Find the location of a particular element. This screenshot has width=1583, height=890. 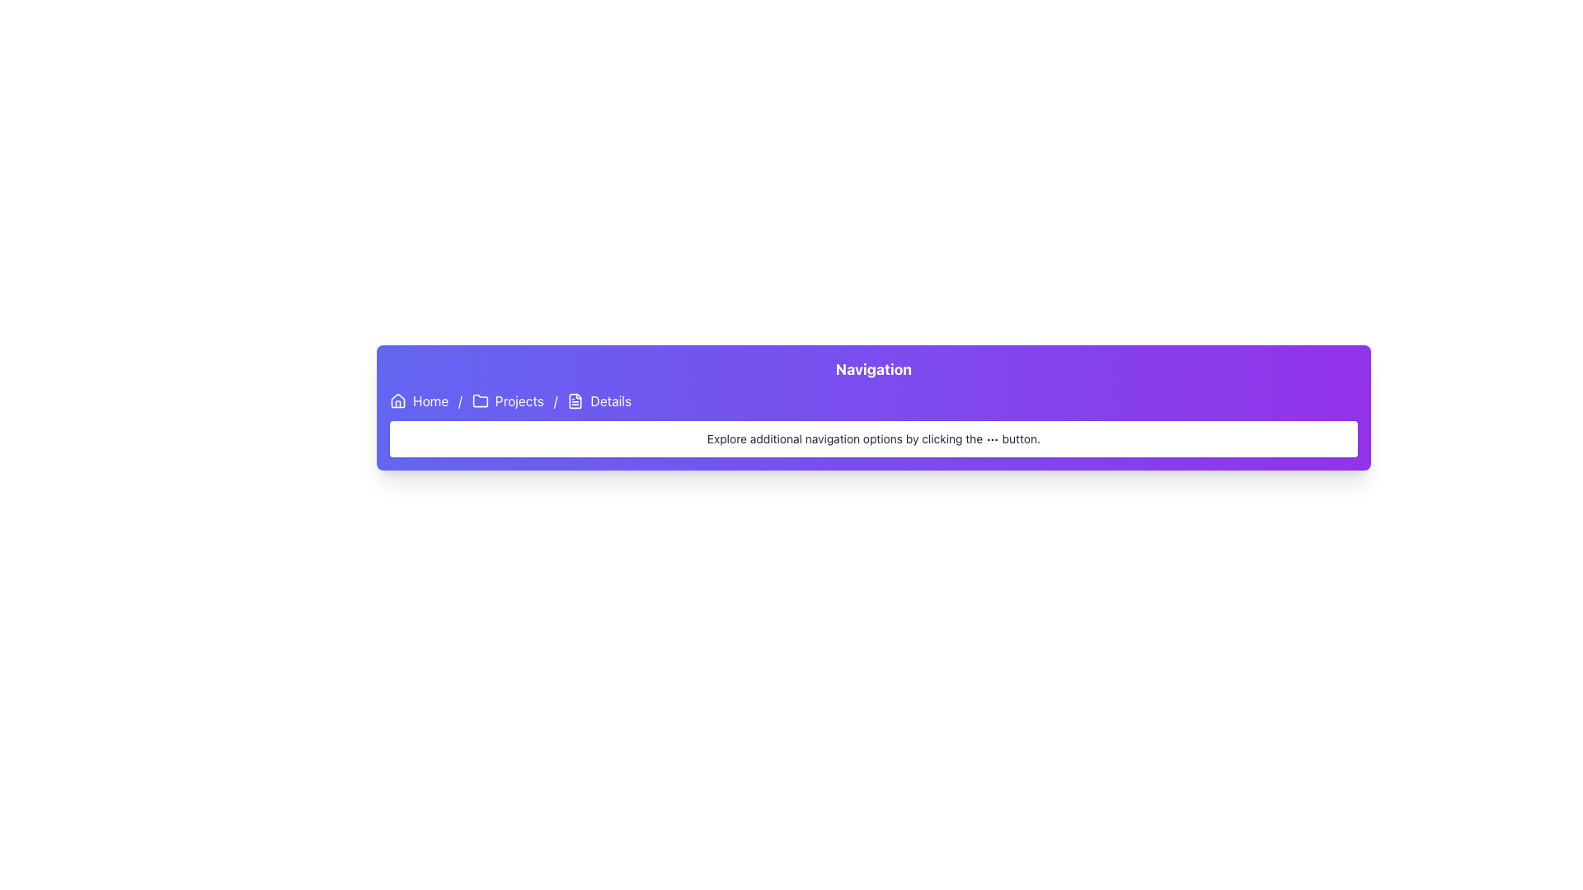

the second breadcrumb item labeled 'Projects' in the breadcrumb navigation bar is located at coordinates (507, 400).